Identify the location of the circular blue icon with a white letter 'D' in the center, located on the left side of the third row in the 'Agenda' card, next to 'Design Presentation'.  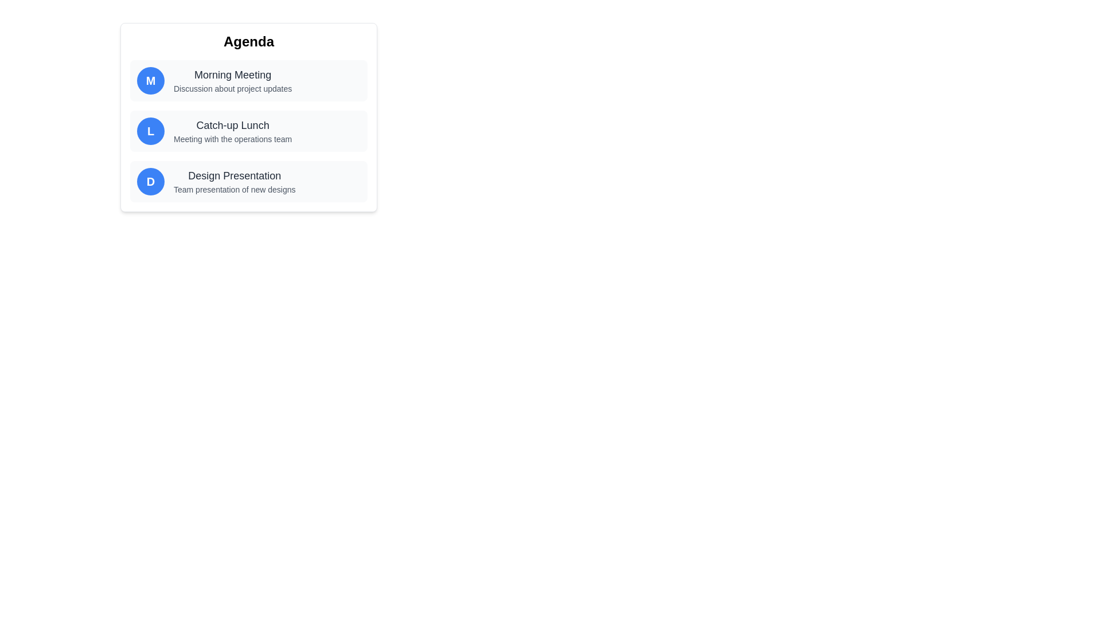
(150, 181).